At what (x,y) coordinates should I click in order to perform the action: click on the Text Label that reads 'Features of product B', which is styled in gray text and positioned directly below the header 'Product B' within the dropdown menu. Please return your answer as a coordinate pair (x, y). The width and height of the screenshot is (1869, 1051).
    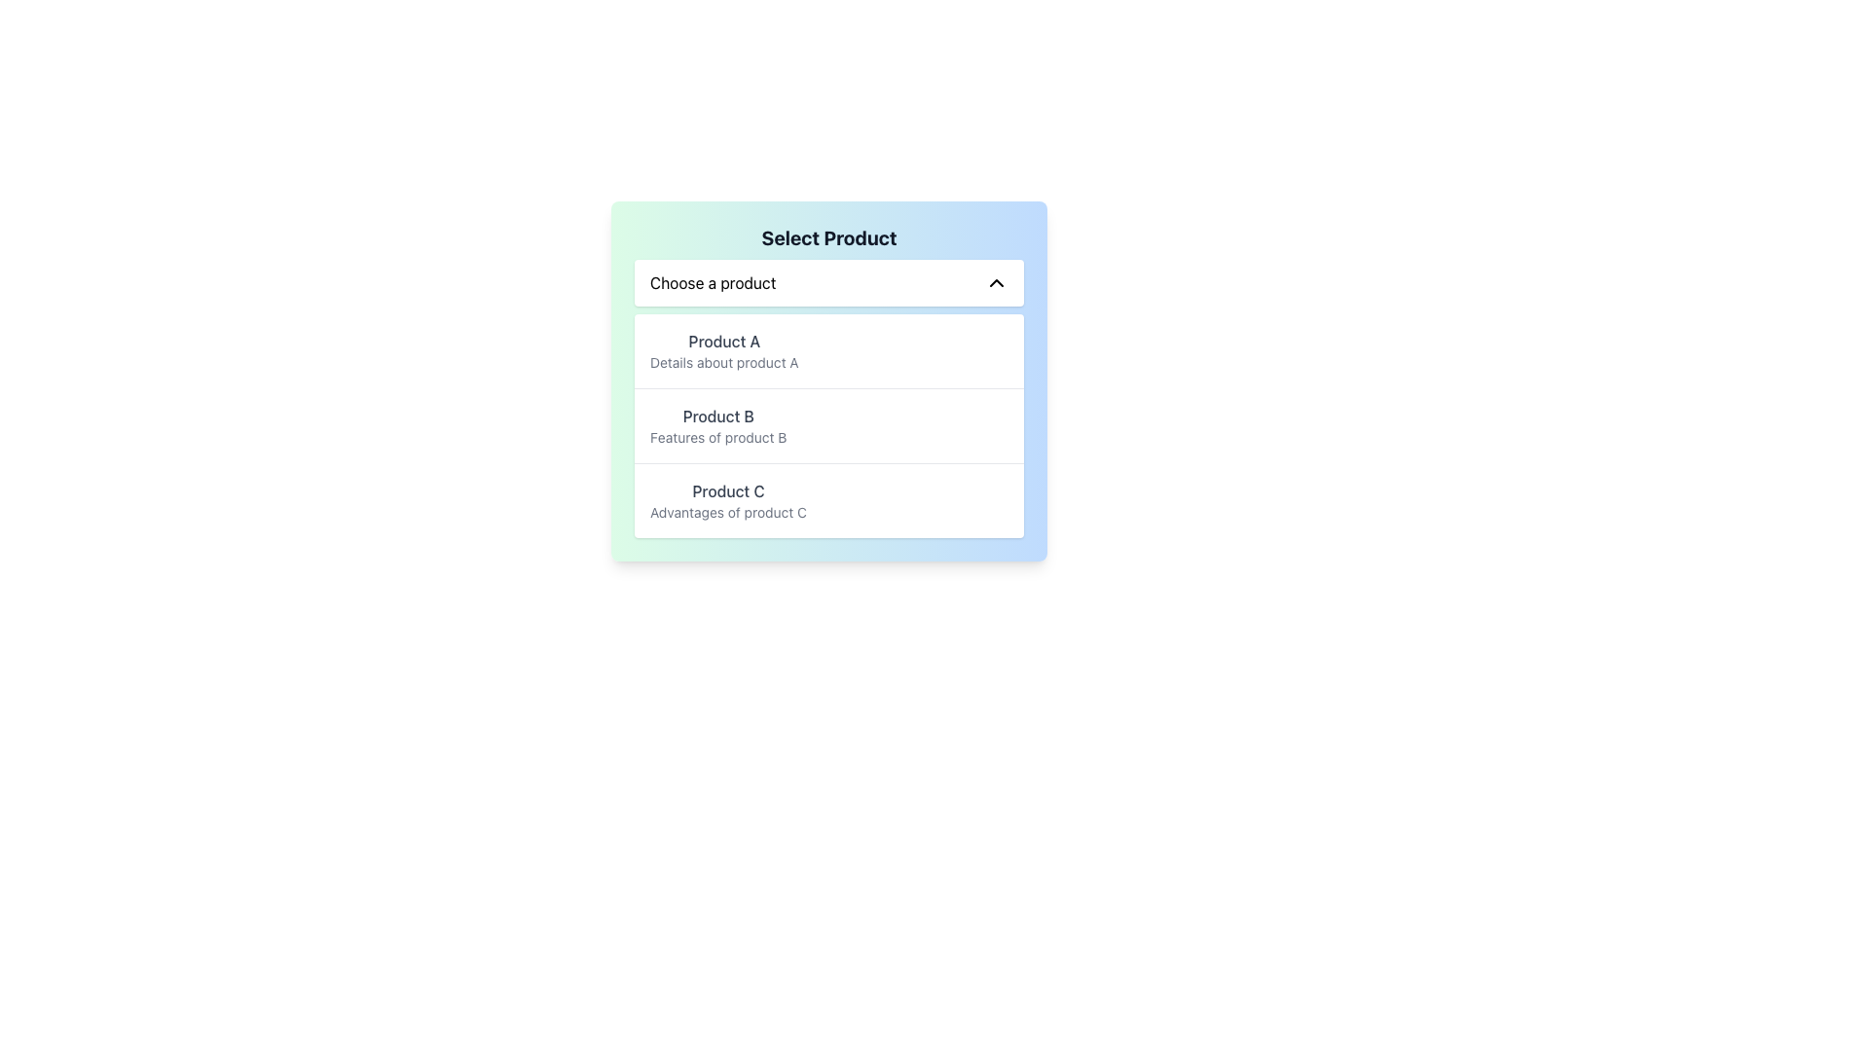
    Looking at the image, I should click on (717, 438).